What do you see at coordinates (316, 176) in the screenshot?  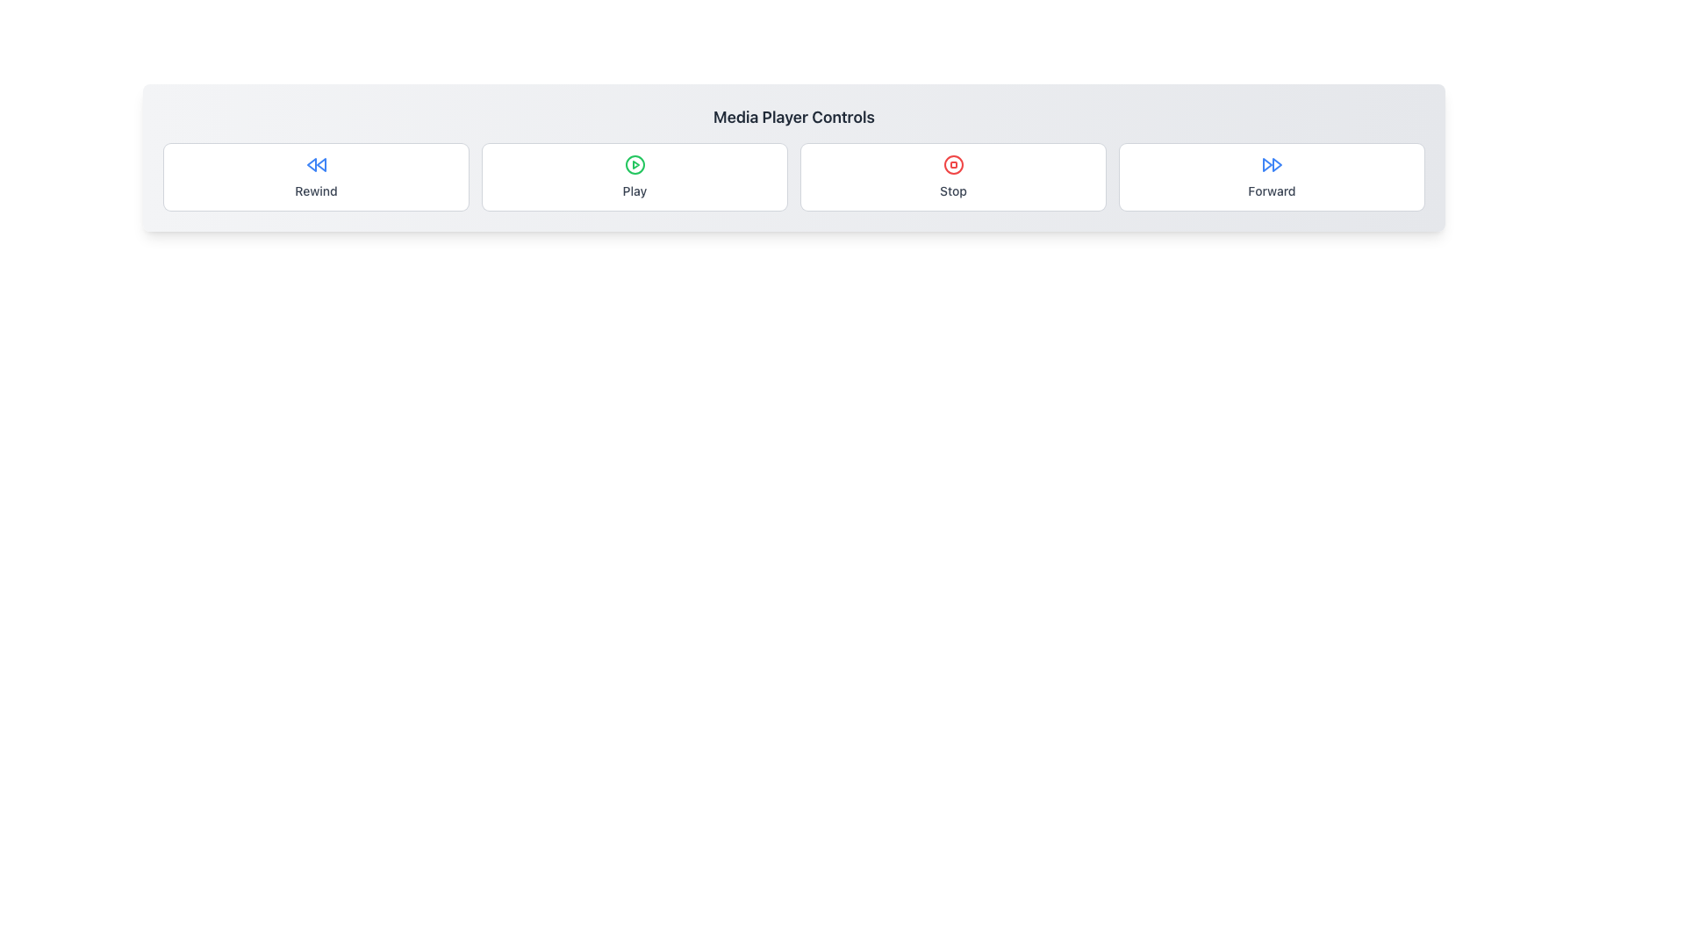 I see `the 'Rewind' button, which is the first control button on the left with a blue double-arrow rewind symbol and gray text on a white background` at bounding box center [316, 176].